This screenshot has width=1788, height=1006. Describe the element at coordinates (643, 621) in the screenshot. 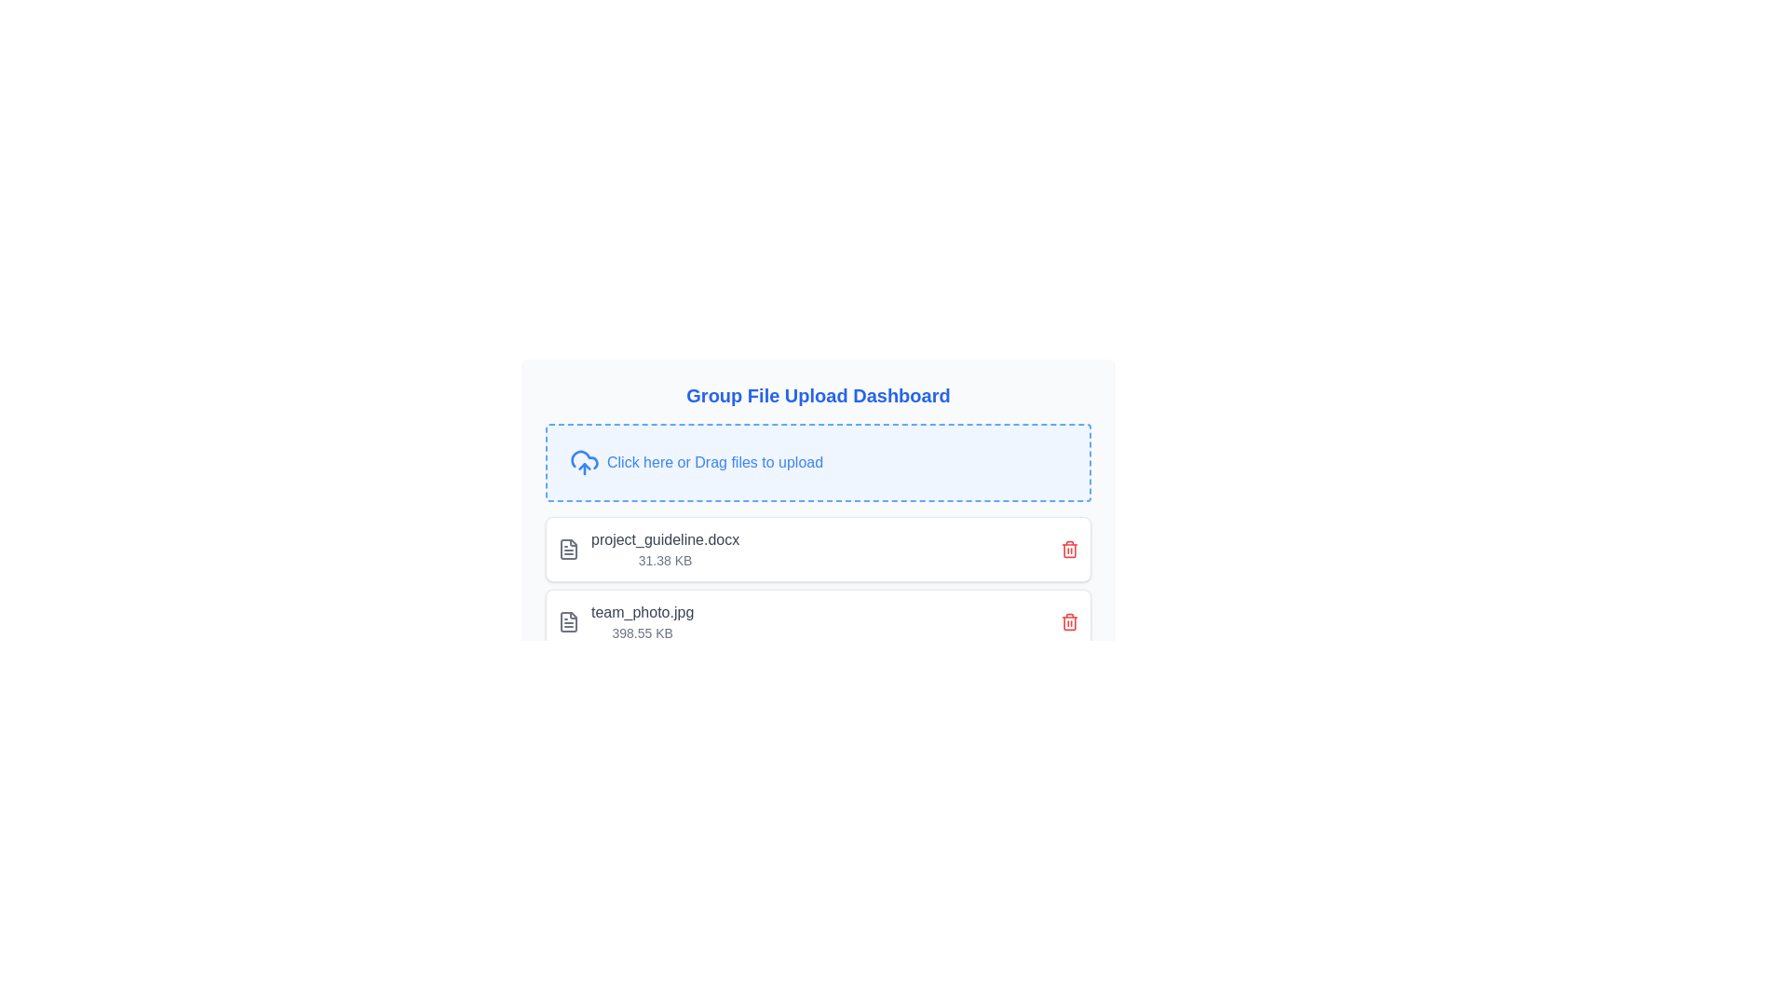

I see `the text label representing the uploaded file, which shows its name and size, located in the file upload list, specifically the second item after 'project_guideline.docx 31.38 KB'` at that location.